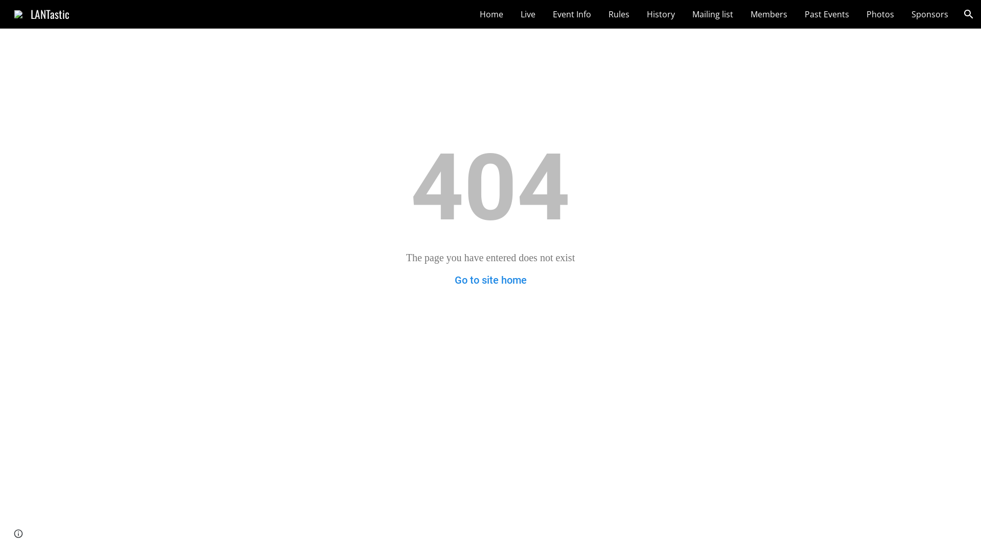  What do you see at coordinates (827, 14) in the screenshot?
I see `'Past Events'` at bounding box center [827, 14].